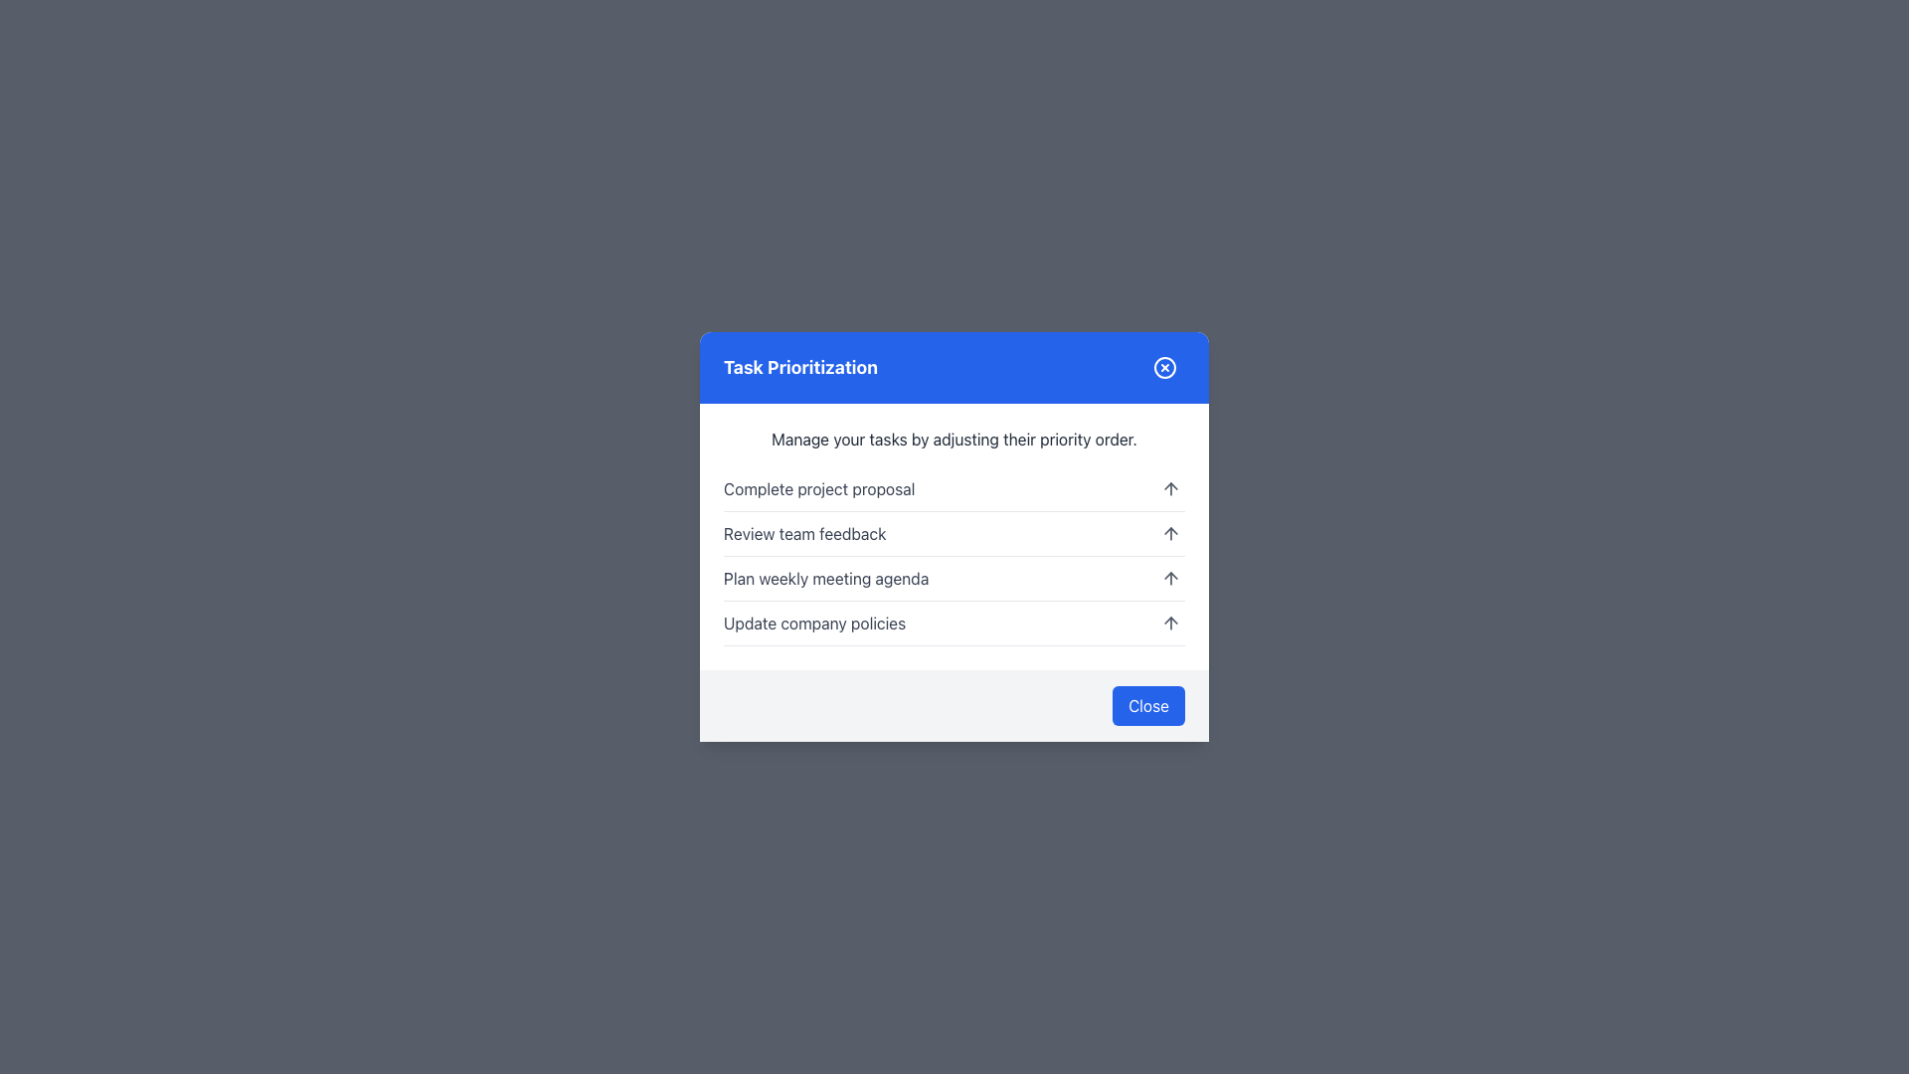 The image size is (1909, 1074). What do you see at coordinates (1170, 579) in the screenshot?
I see `the small upward arrow icon in the 'Task Prioritization' dialog, aligned to the rightmost part of the row for 'Plan weekly meeting agenda'` at bounding box center [1170, 579].